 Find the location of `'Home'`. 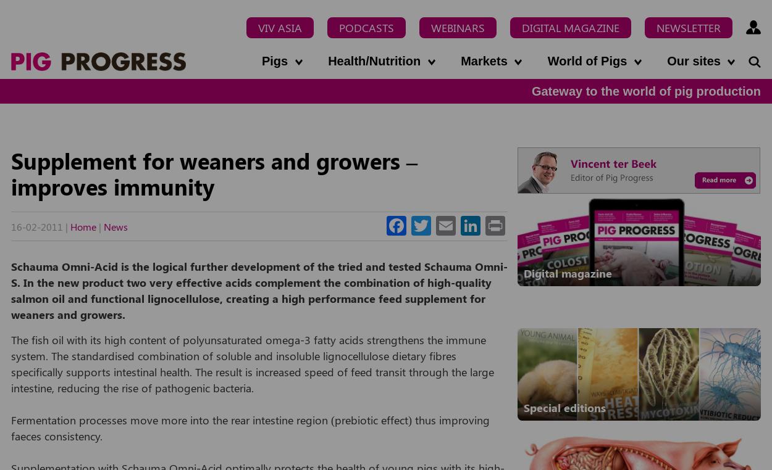

'Home' is located at coordinates (83, 226).